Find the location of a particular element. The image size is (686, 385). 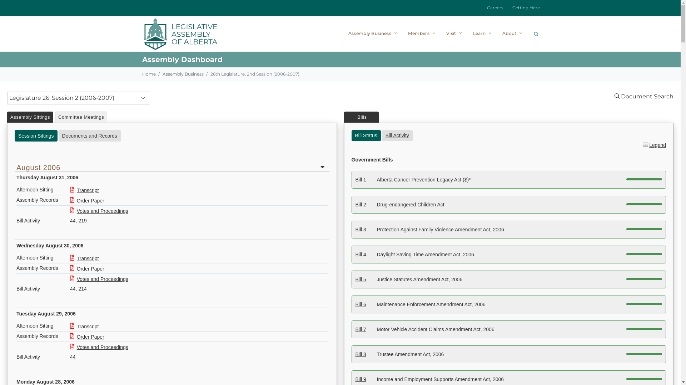

'Getting Here' is located at coordinates (526, 8).